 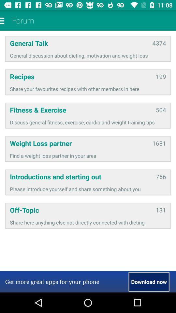 What do you see at coordinates (149, 281) in the screenshot?
I see `download now icon` at bounding box center [149, 281].